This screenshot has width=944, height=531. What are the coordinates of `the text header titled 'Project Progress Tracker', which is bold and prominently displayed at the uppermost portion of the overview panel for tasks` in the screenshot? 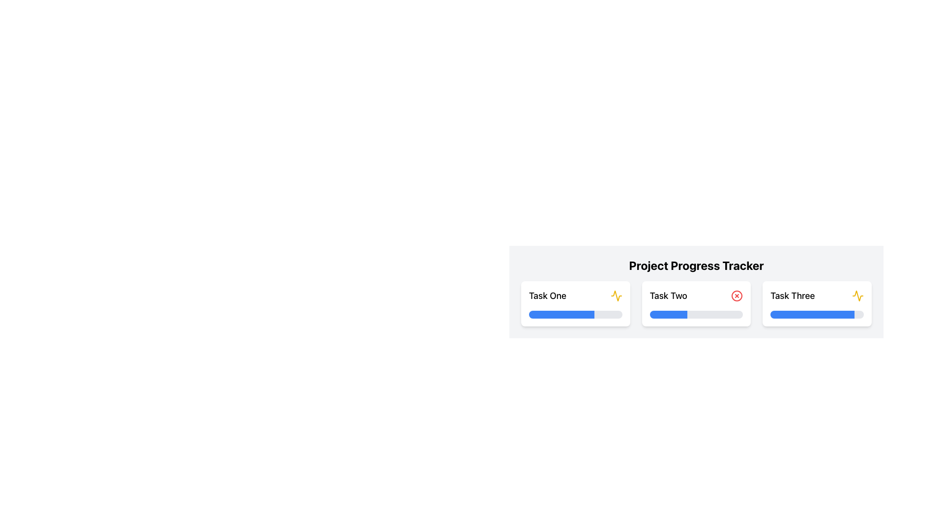 It's located at (696, 265).